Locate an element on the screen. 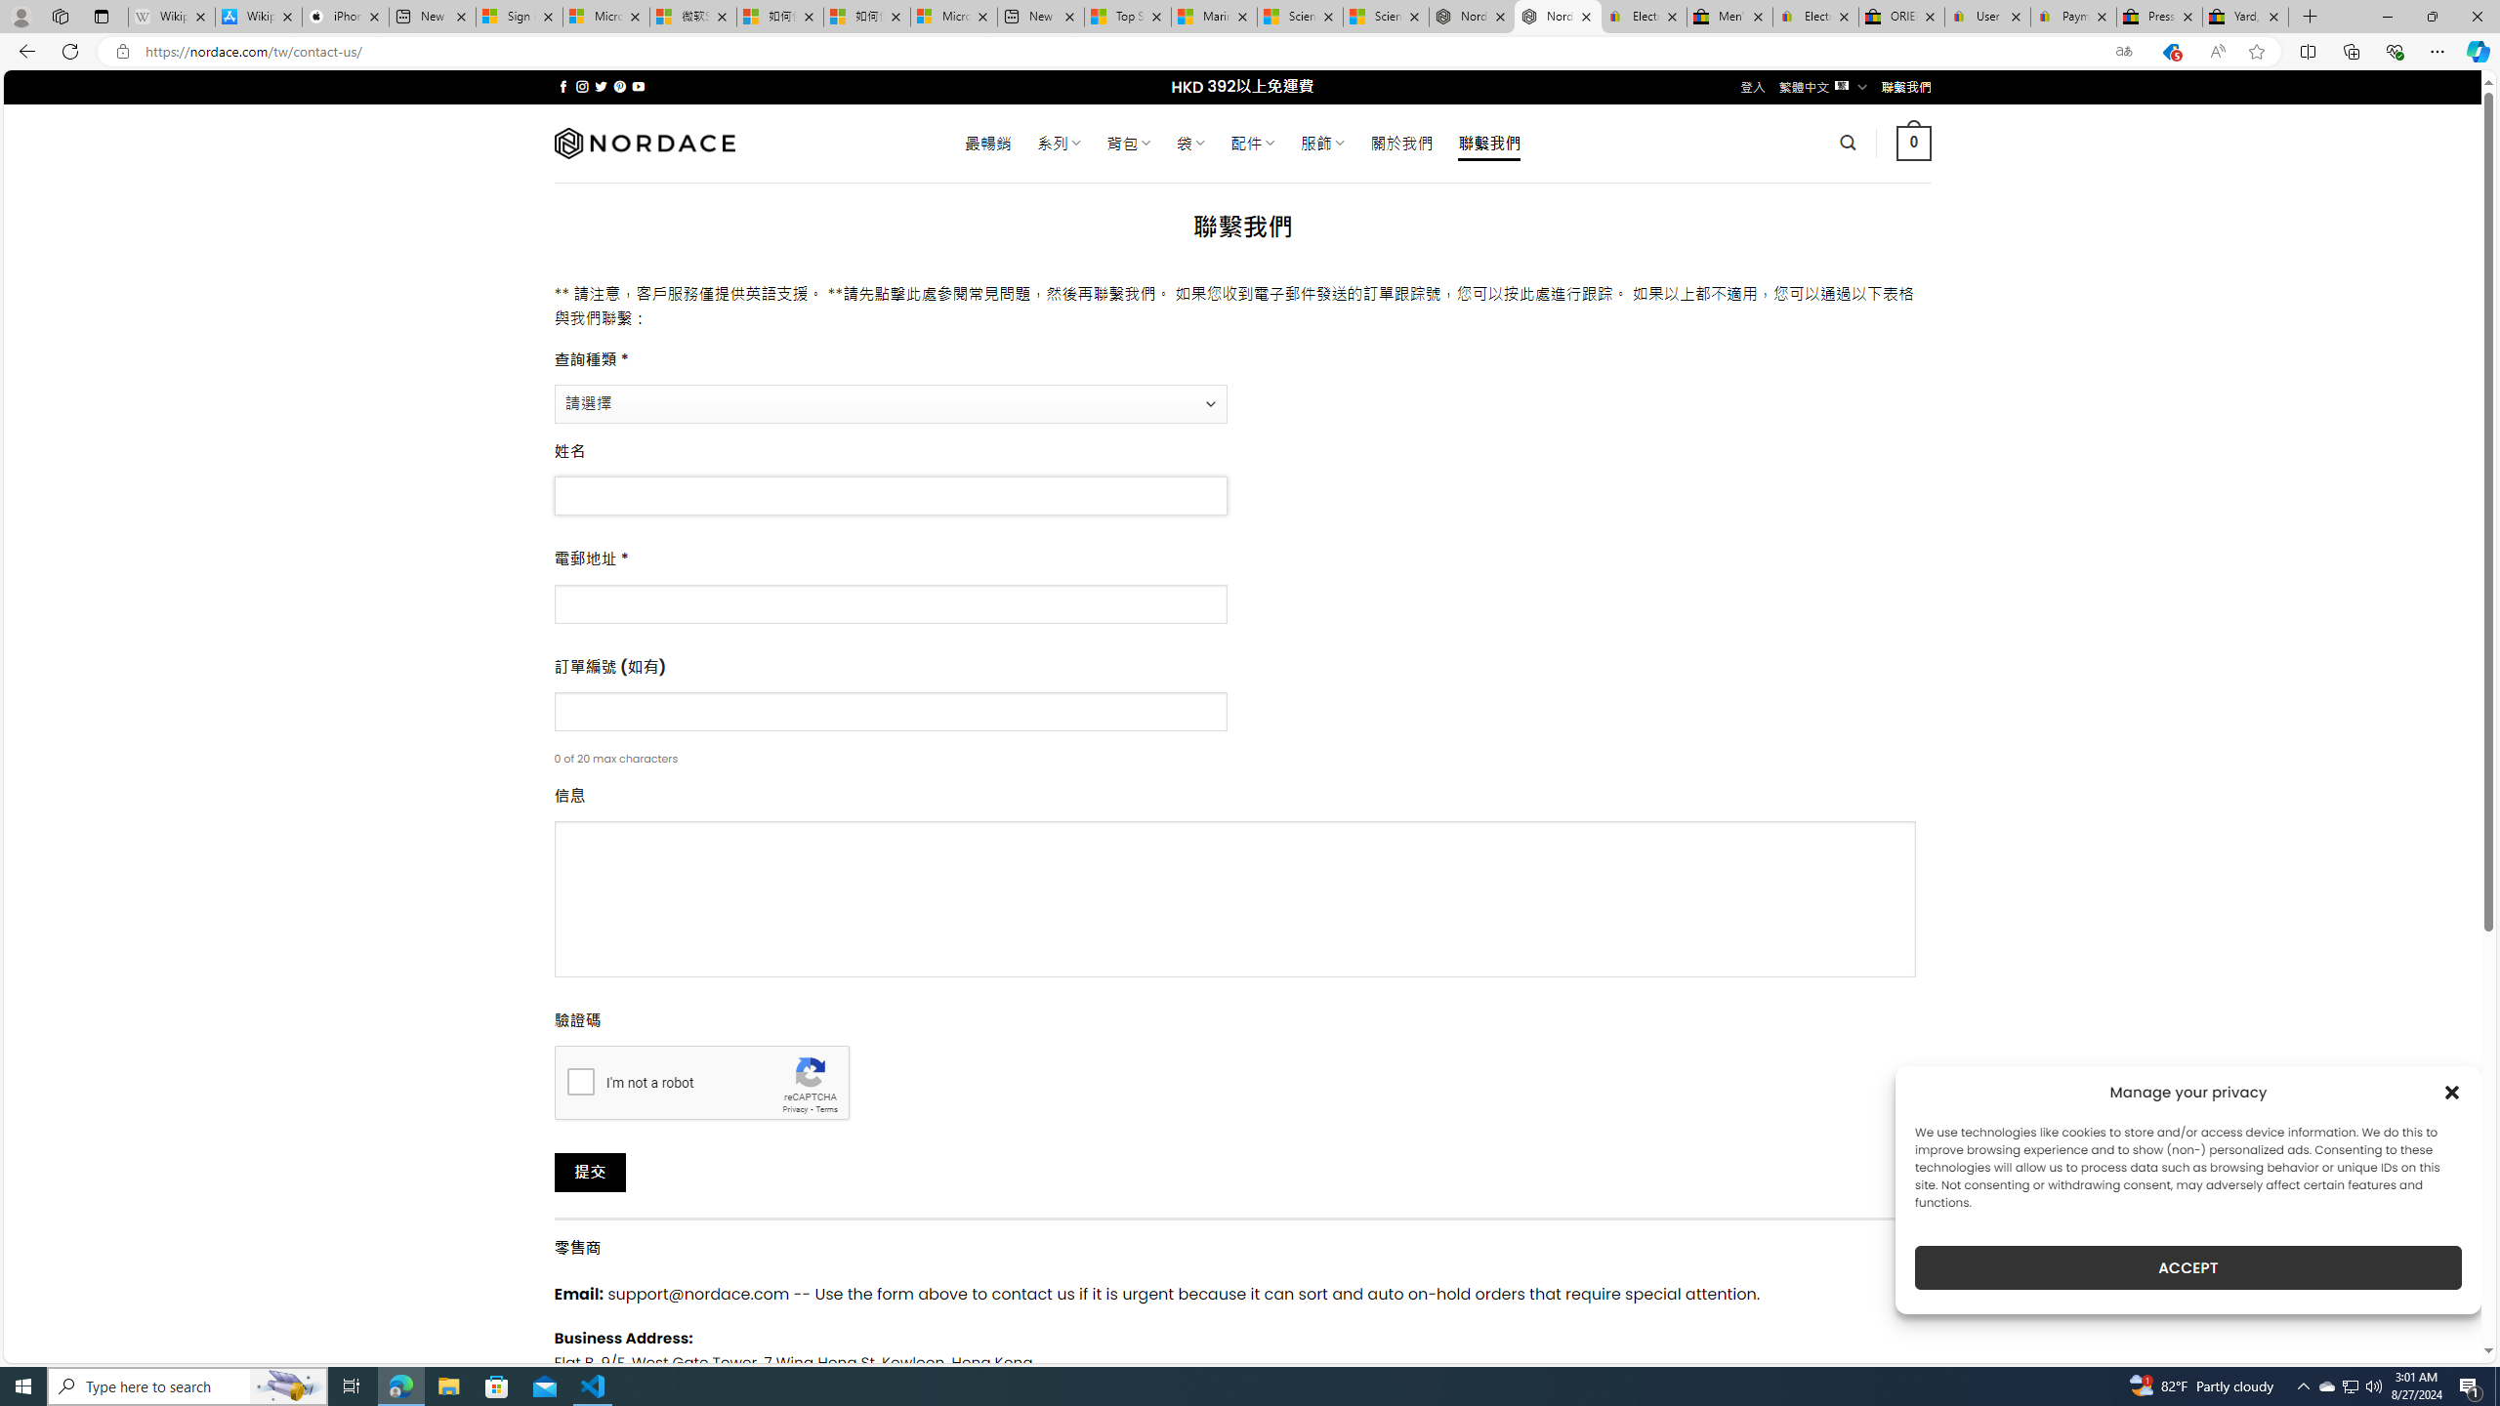  'Show translate options' is located at coordinates (2122, 52).